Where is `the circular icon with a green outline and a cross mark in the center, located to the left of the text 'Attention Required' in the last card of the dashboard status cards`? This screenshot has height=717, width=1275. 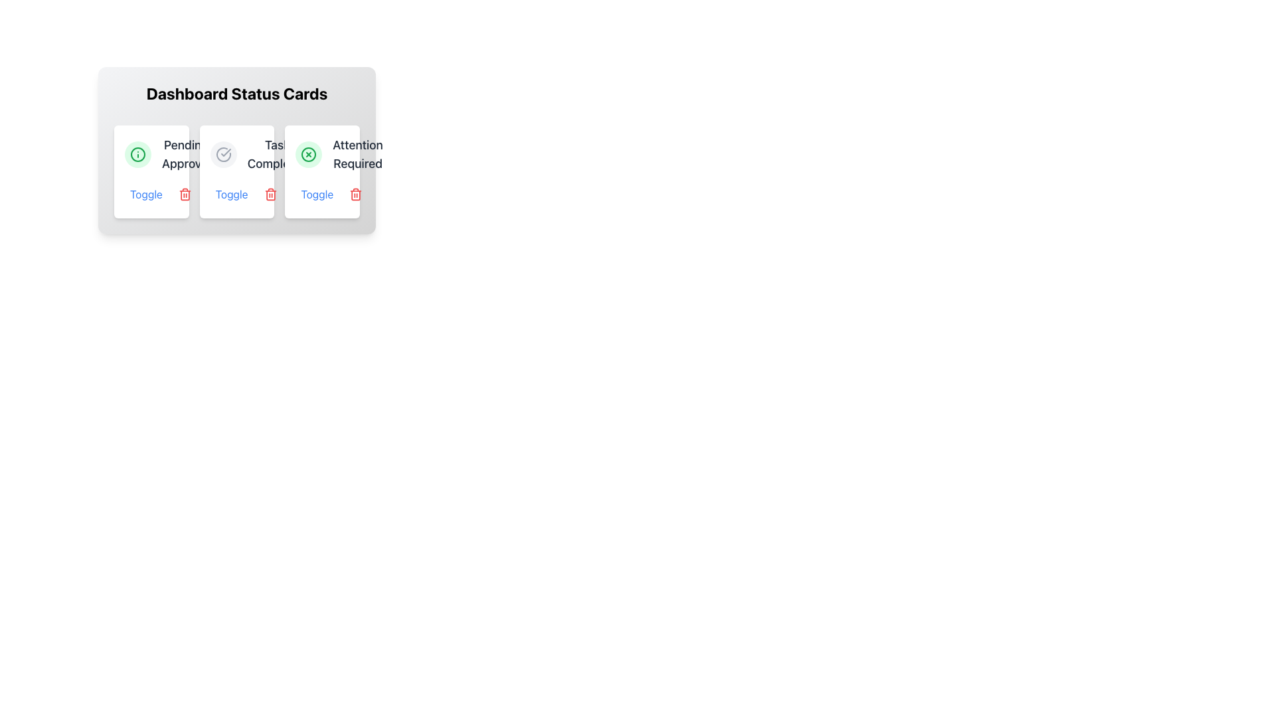 the circular icon with a green outline and a cross mark in the center, located to the left of the text 'Attention Required' in the last card of the dashboard status cards is located at coordinates (308, 153).